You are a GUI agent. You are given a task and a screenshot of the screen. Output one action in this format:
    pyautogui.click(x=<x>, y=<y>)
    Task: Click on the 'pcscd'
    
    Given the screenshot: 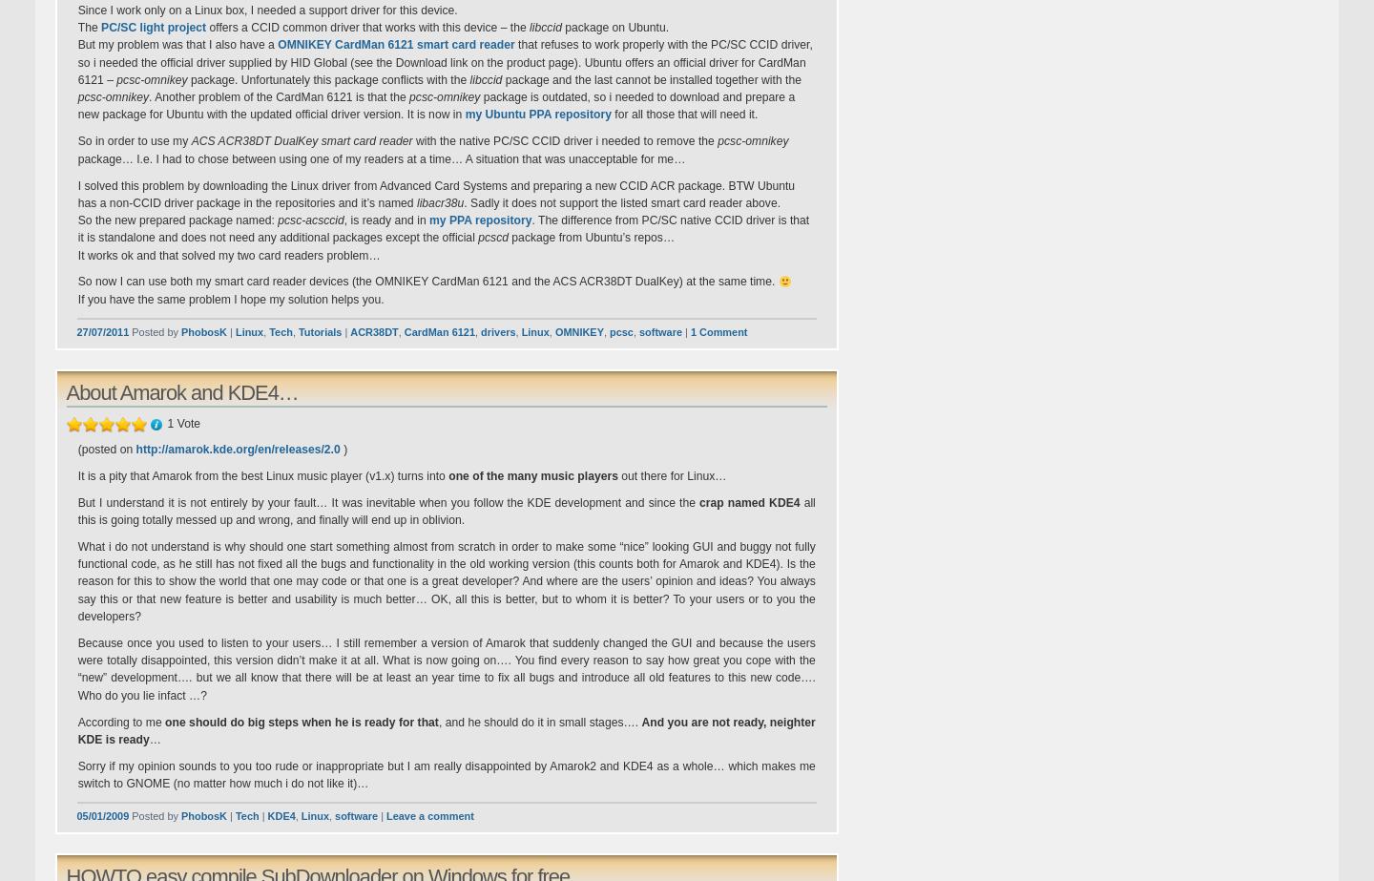 What is the action you would take?
    pyautogui.click(x=491, y=238)
    